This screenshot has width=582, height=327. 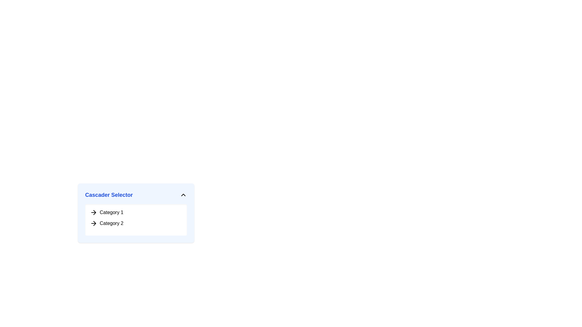 What do you see at coordinates (109, 195) in the screenshot?
I see `the text label that serves as the title for the dropdown component, positioned on the left side of the dropdown header` at bounding box center [109, 195].